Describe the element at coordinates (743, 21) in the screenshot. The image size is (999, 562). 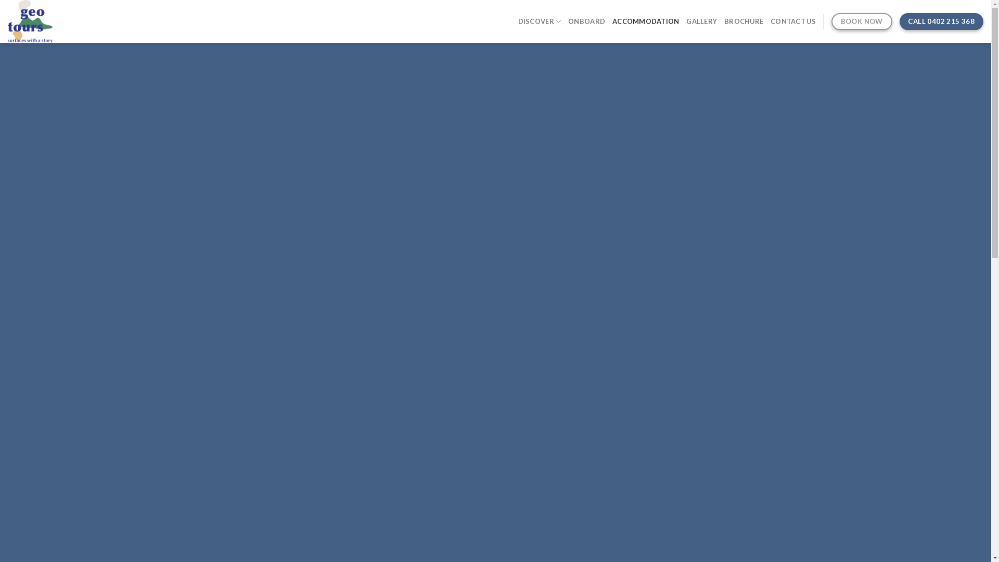
I see `'BROCHURE'` at that location.